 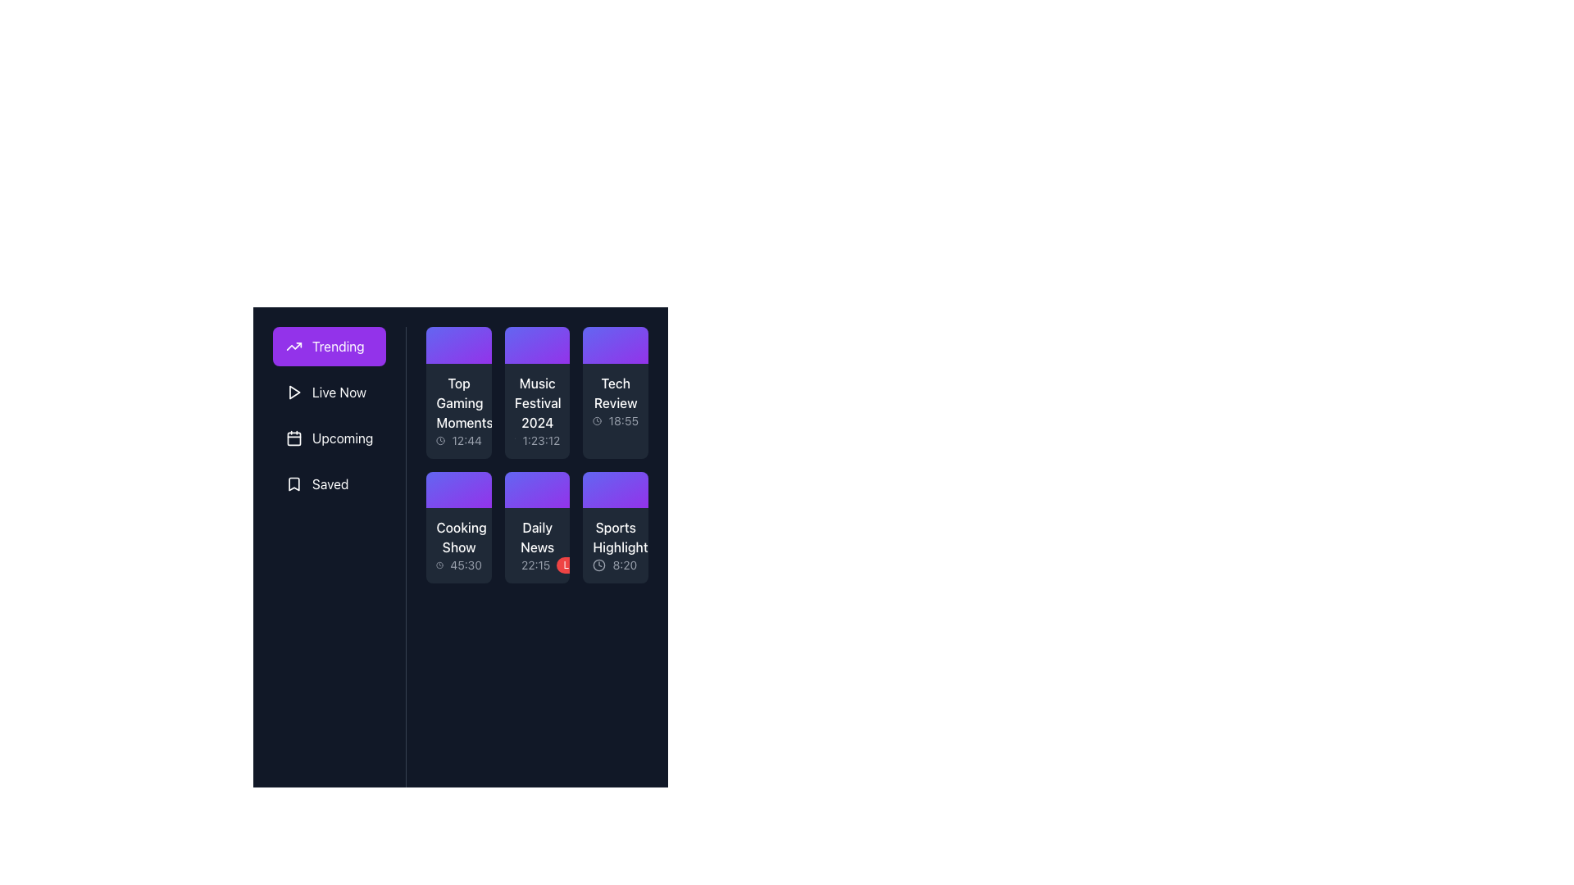 What do you see at coordinates (439, 565) in the screenshot?
I see `the clock icon that visually represents time for the 'Cooking Show' content, located on the left side of the time information block displaying '45:30'` at bounding box center [439, 565].